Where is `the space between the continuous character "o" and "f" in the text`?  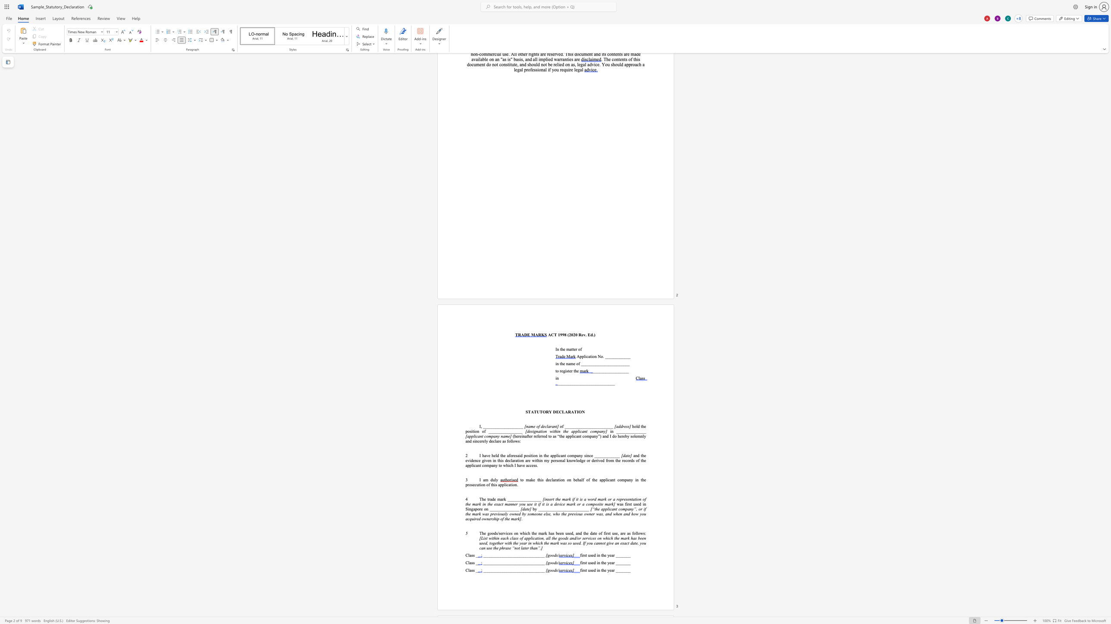
the space between the continuous character "o" and "f" in the text is located at coordinates (578, 364).